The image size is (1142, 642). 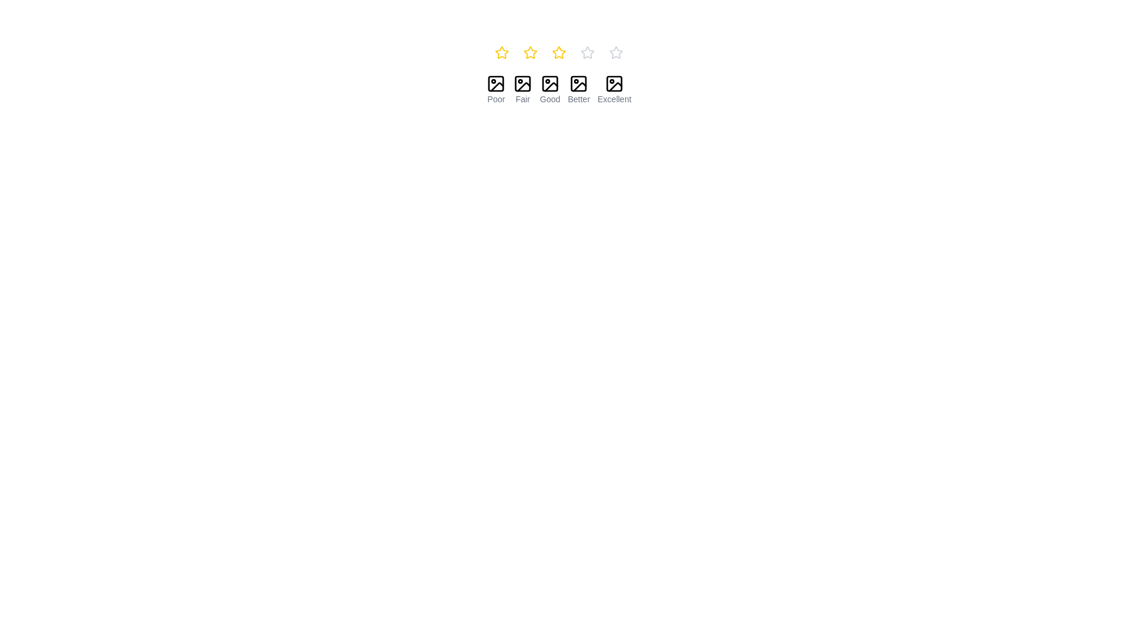 I want to click on the 'Fair' rating option component, so click(x=522, y=89).